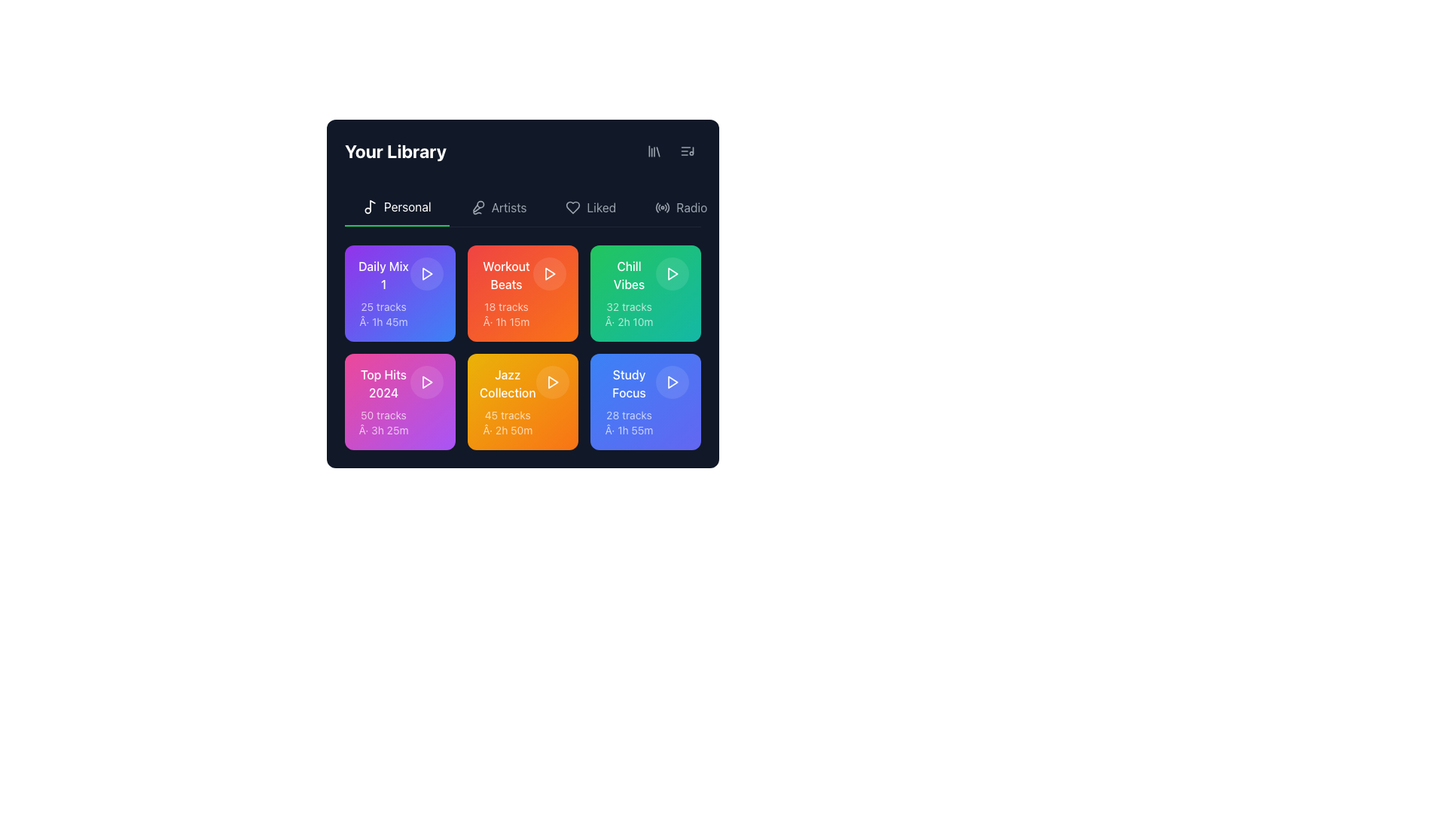 Image resolution: width=1446 pixels, height=813 pixels. Describe the element at coordinates (629, 313) in the screenshot. I see `the informational text label displaying the number of tracks and total duration for the 'Chill Vibes' playlist, located in the lower region of the playlist card` at that location.